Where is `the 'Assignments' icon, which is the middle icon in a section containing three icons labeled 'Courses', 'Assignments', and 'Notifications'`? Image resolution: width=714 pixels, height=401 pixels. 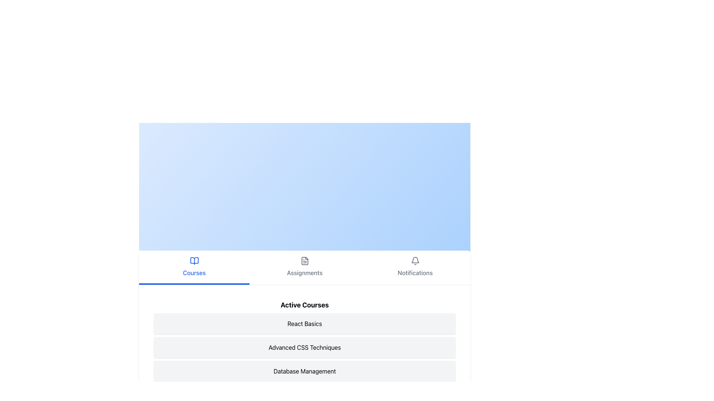
the 'Assignments' icon, which is the middle icon in a section containing three icons labeled 'Courses', 'Assignments', and 'Notifications' is located at coordinates (305, 260).